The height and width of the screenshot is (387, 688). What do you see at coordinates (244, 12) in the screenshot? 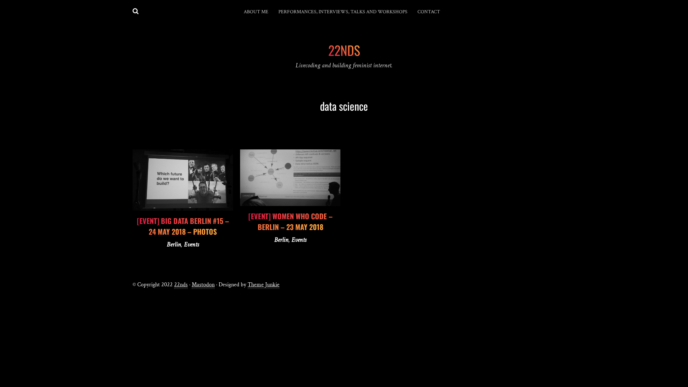
I see `'ABOUT ME'` at bounding box center [244, 12].